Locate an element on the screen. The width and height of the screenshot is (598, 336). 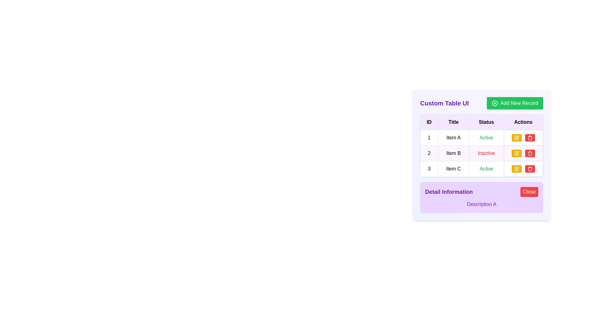
the second row of the table that contains 'Item B' and is styled with 'Inactive' in red is located at coordinates (481, 153).